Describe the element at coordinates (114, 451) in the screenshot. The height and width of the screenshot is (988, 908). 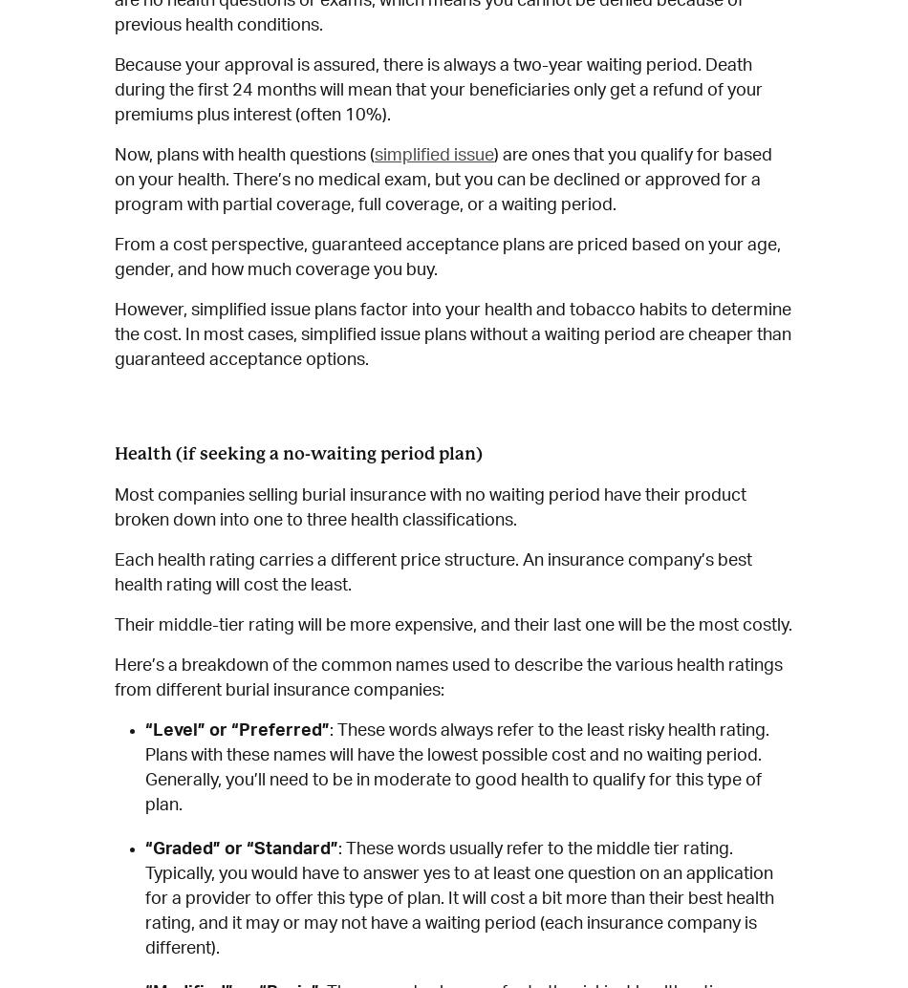
I see `'Health (if seeking a no-waiting period plan)'` at that location.